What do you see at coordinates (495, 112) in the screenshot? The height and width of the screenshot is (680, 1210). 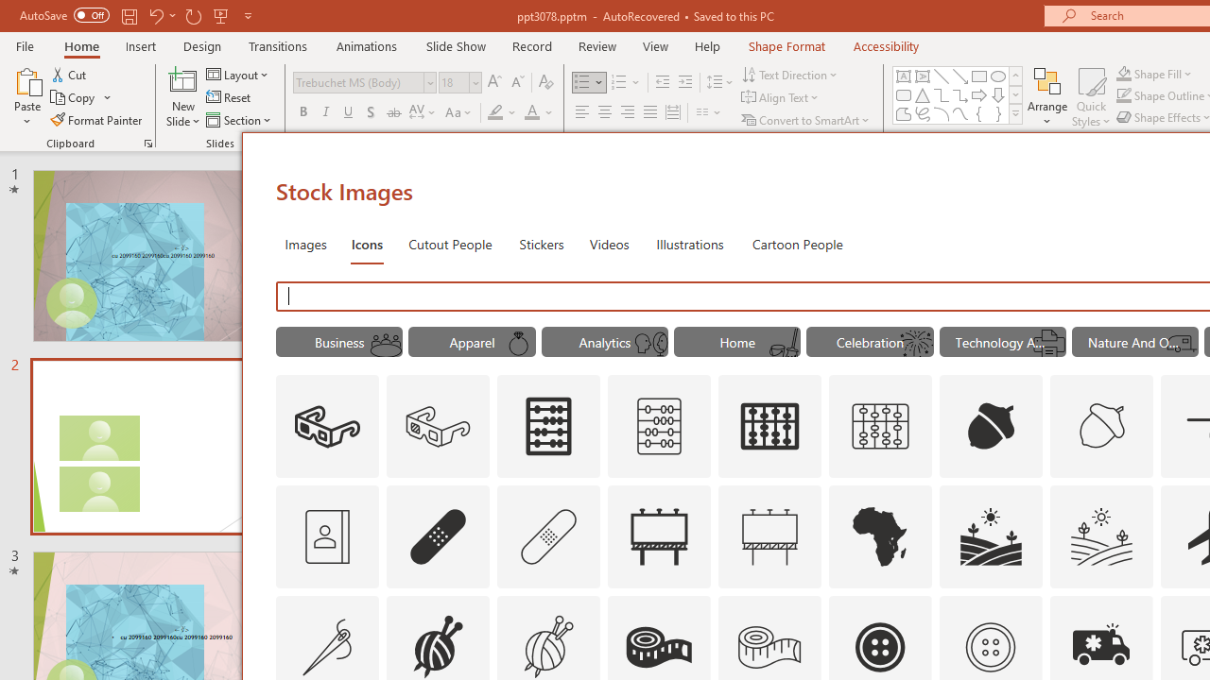 I see `'Text Highlight Color Yellow'` at bounding box center [495, 112].